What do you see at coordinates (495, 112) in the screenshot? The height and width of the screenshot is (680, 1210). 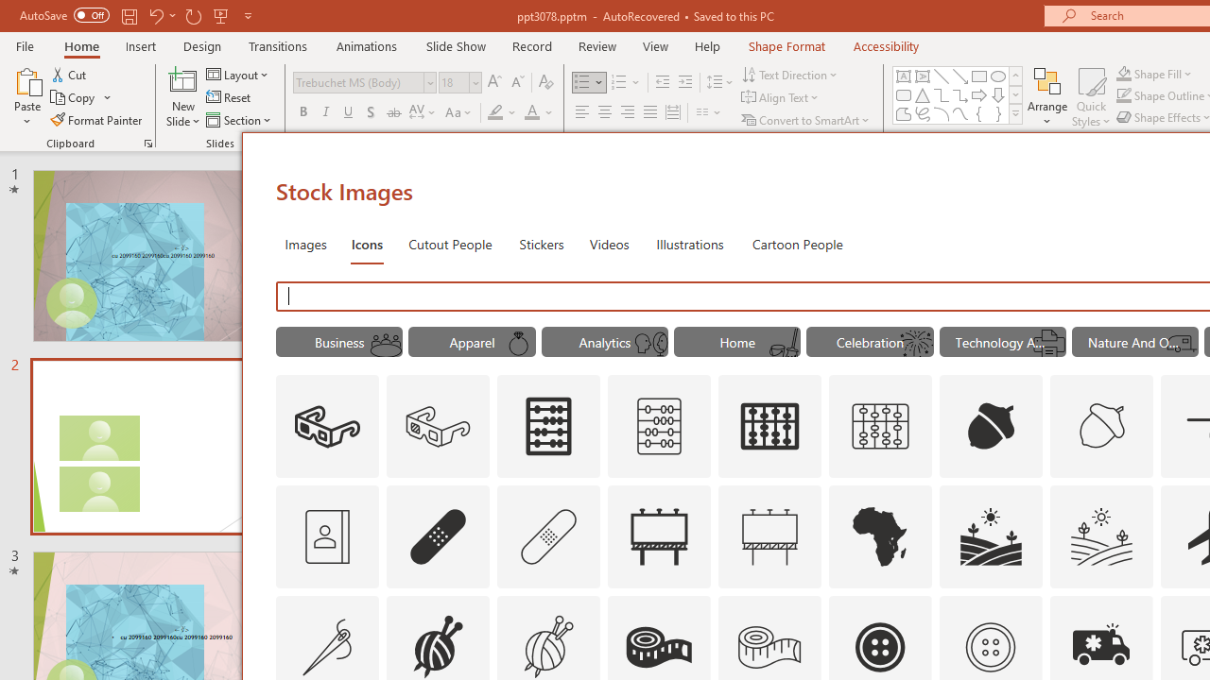 I see `'Text Highlight Color Yellow'` at bounding box center [495, 112].